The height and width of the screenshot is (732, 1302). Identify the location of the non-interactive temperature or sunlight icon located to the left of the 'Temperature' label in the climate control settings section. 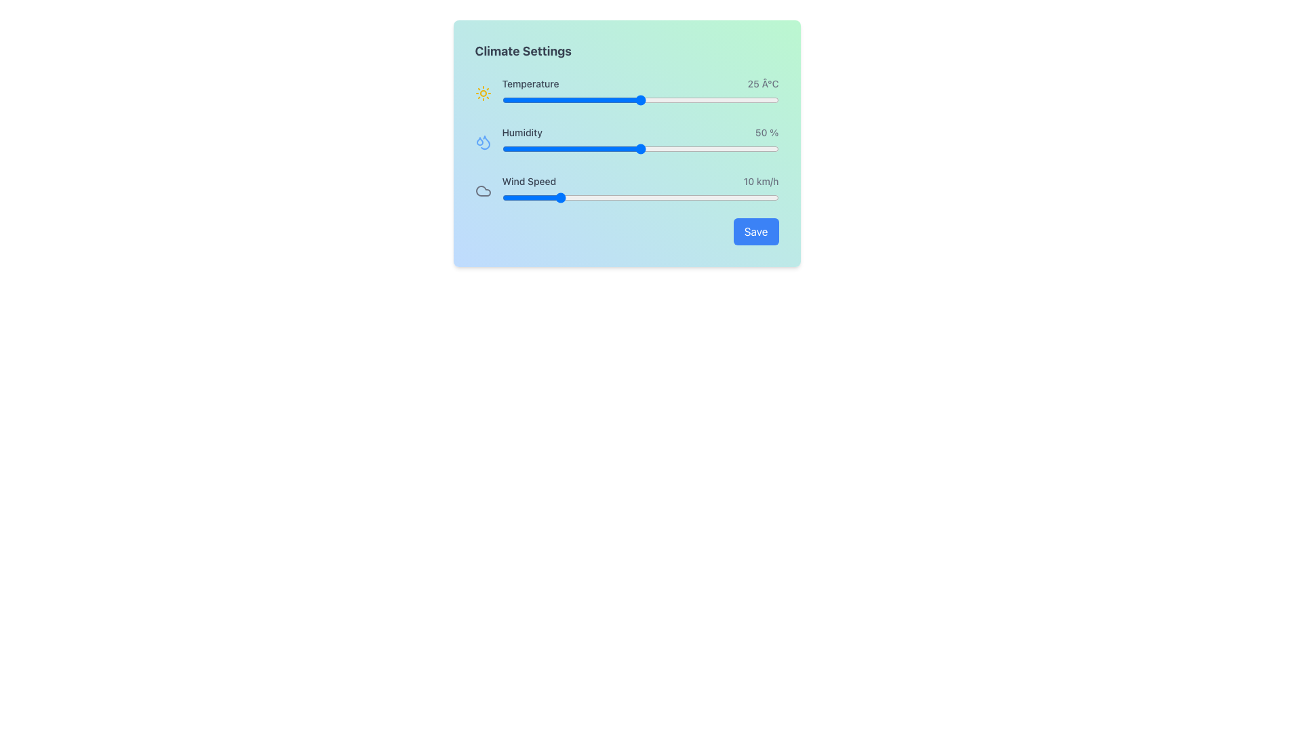
(483, 93).